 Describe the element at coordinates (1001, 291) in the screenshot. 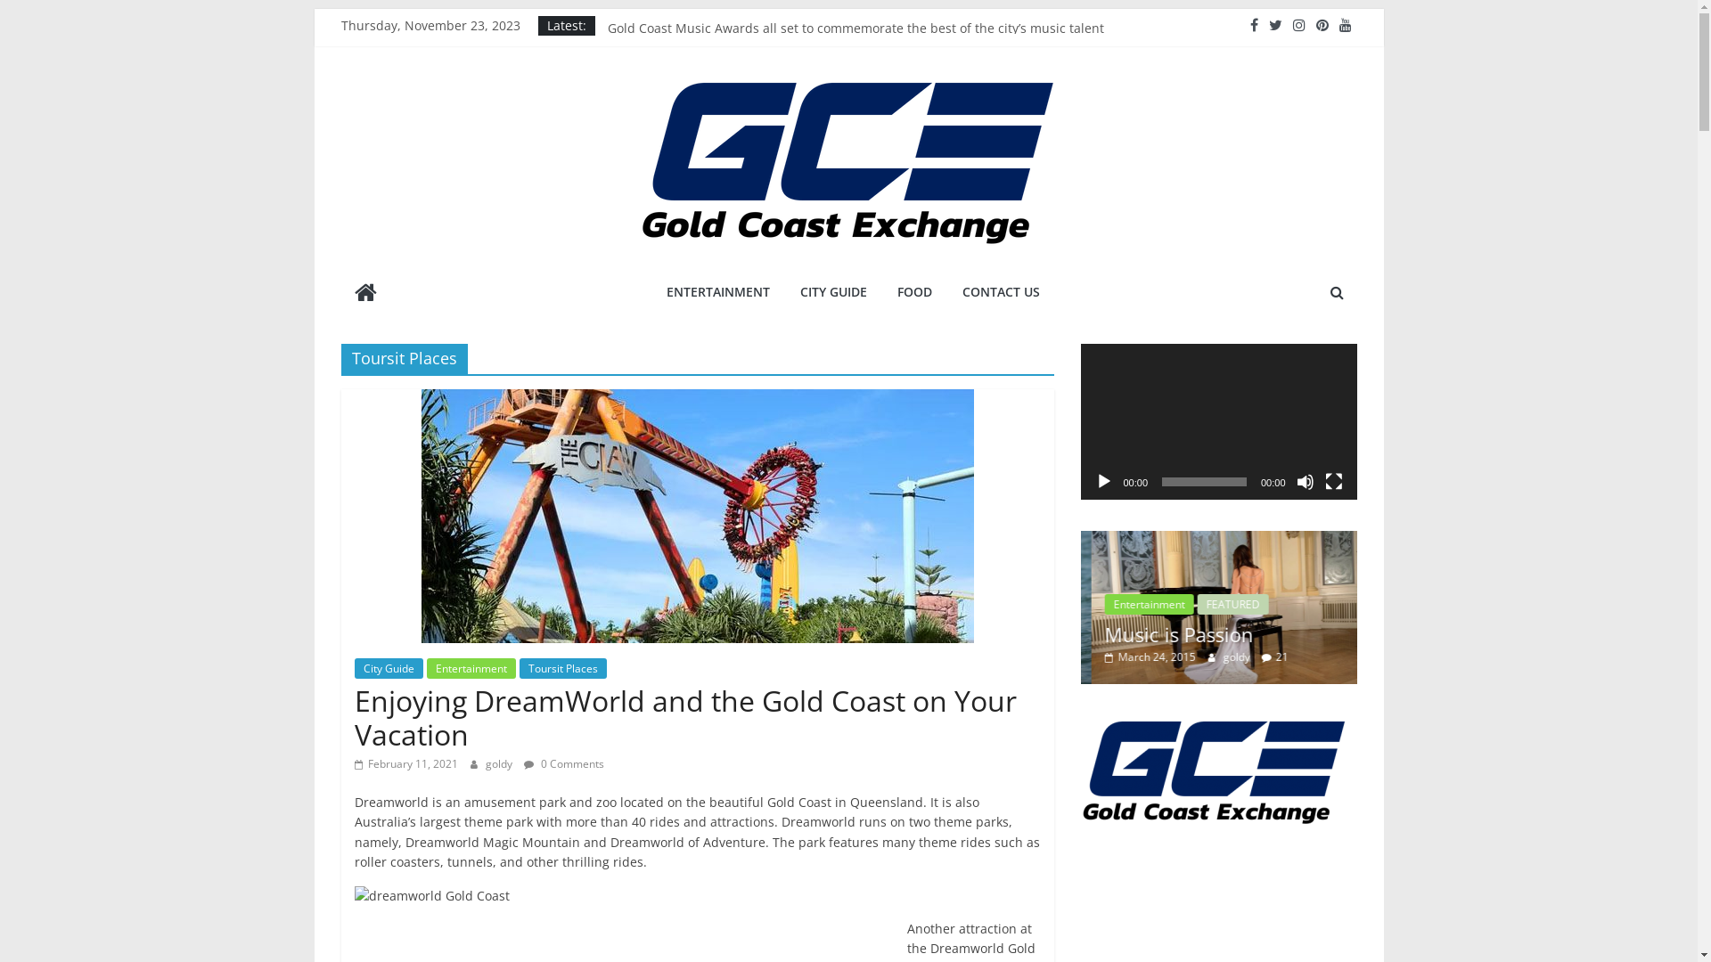

I see `'CONTACT US'` at that location.